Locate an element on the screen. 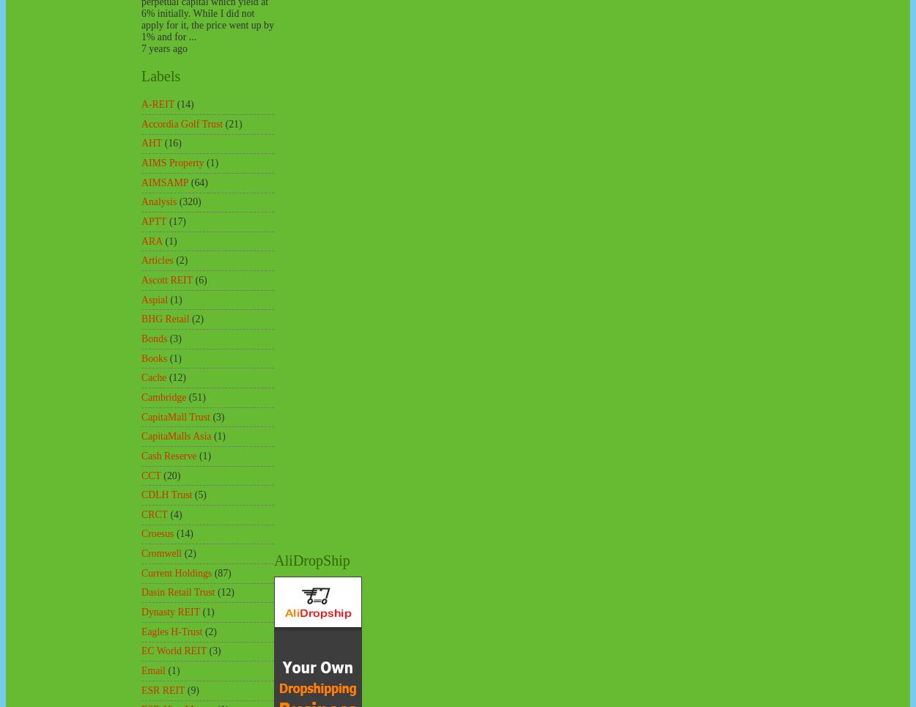  '(64)' is located at coordinates (199, 181).